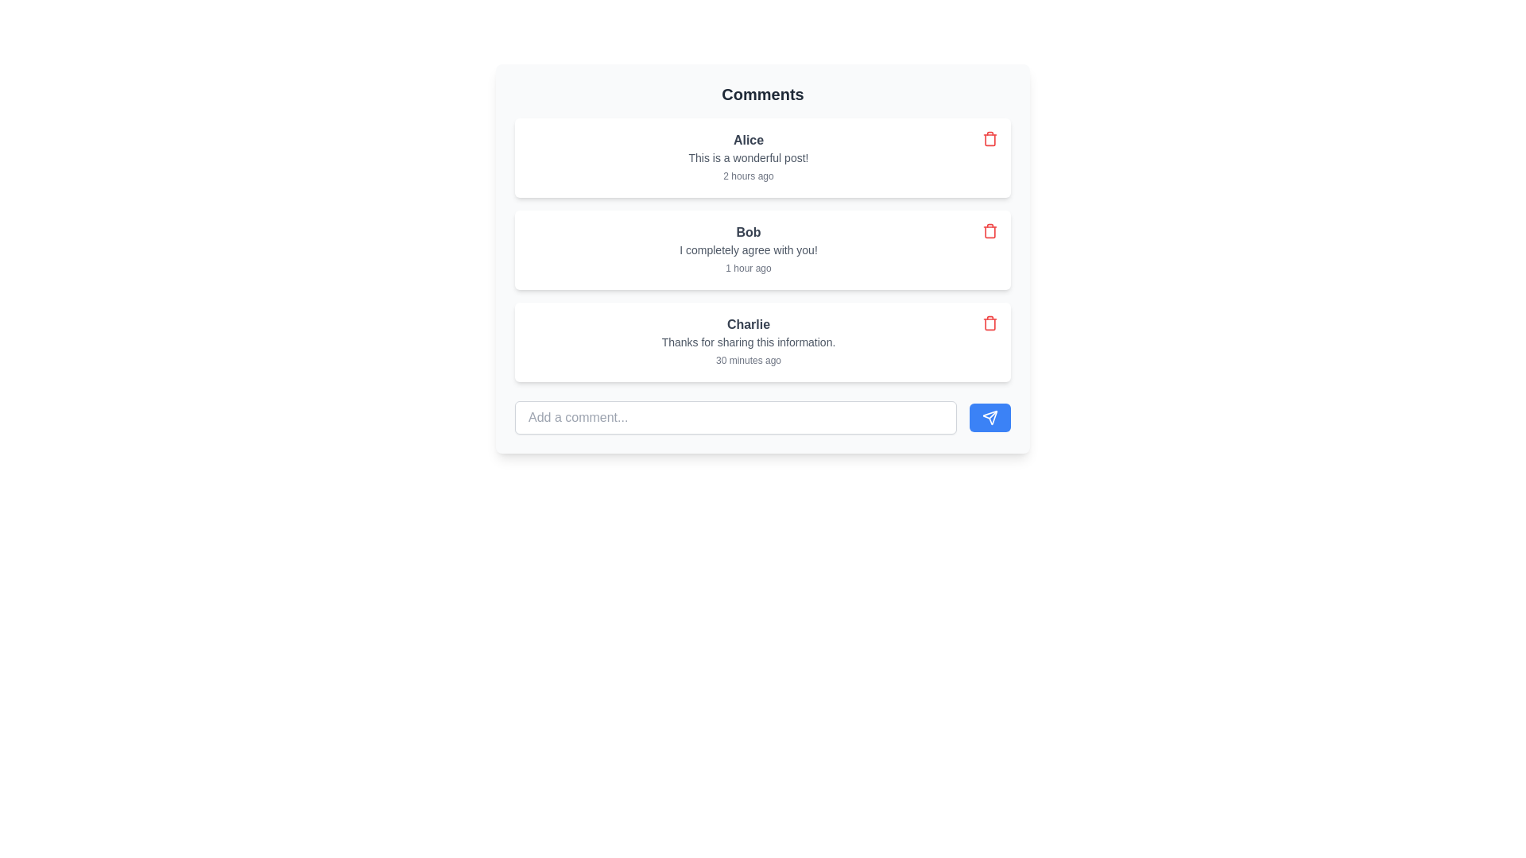 Image resolution: width=1526 pixels, height=858 pixels. What do you see at coordinates (747, 361) in the screenshot?
I see `the text indicating the time elapsed since the comment was posted, located below the user name 'Charlie' and the comment text 'Thanks for sharing this information.' in the third comment box` at bounding box center [747, 361].